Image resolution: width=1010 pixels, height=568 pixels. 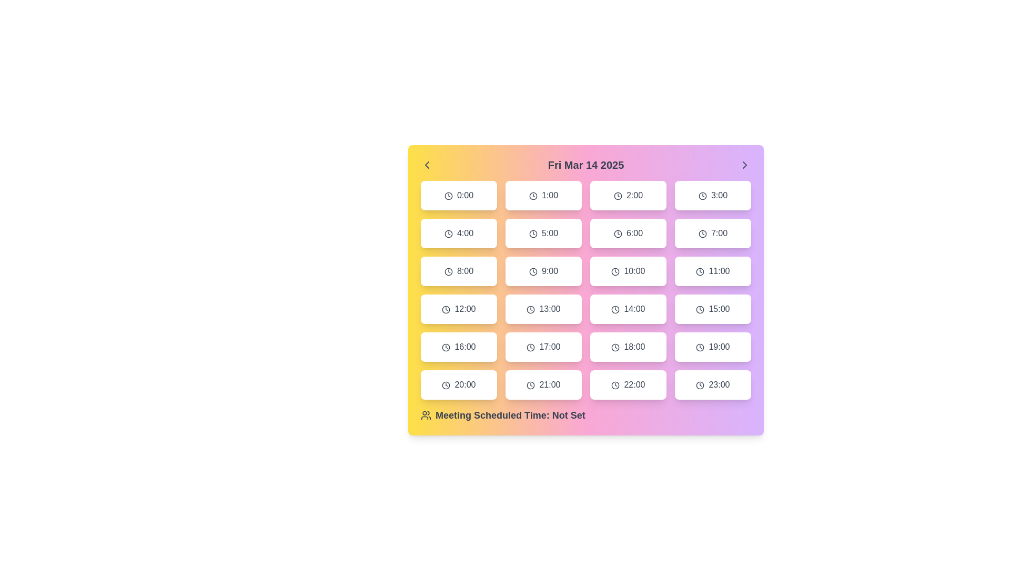 I want to click on the small clock icon located within the button marked '21:00', which is part of a grid layout of buttons representing time slots, so click(x=531, y=385).